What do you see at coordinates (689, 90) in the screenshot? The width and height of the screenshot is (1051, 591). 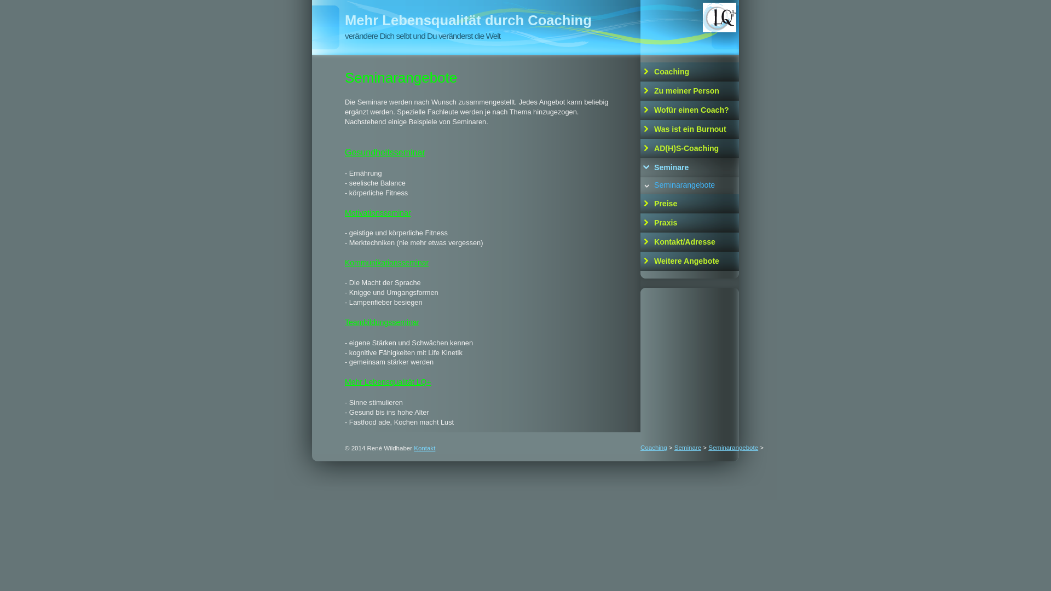 I see `'Zu meiner Person'` at bounding box center [689, 90].